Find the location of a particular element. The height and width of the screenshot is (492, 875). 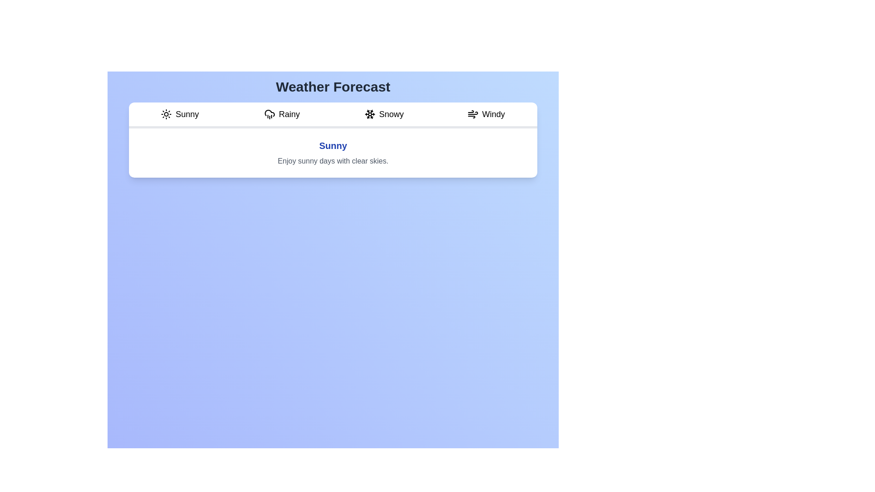

the Windy tab to view its weather condition is located at coordinates (485, 115).